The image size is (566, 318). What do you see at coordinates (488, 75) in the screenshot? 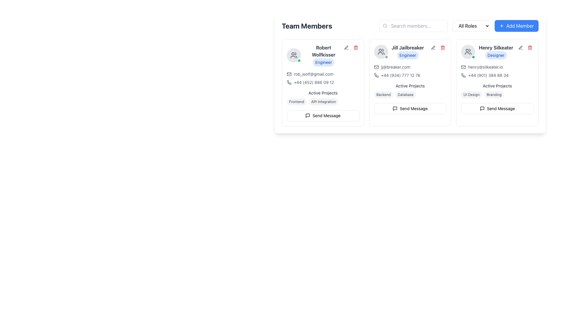
I see `the phone number text element displaying '+44 (901) 384 88 34' within the profile card for 'Henry Silkeater'` at bounding box center [488, 75].